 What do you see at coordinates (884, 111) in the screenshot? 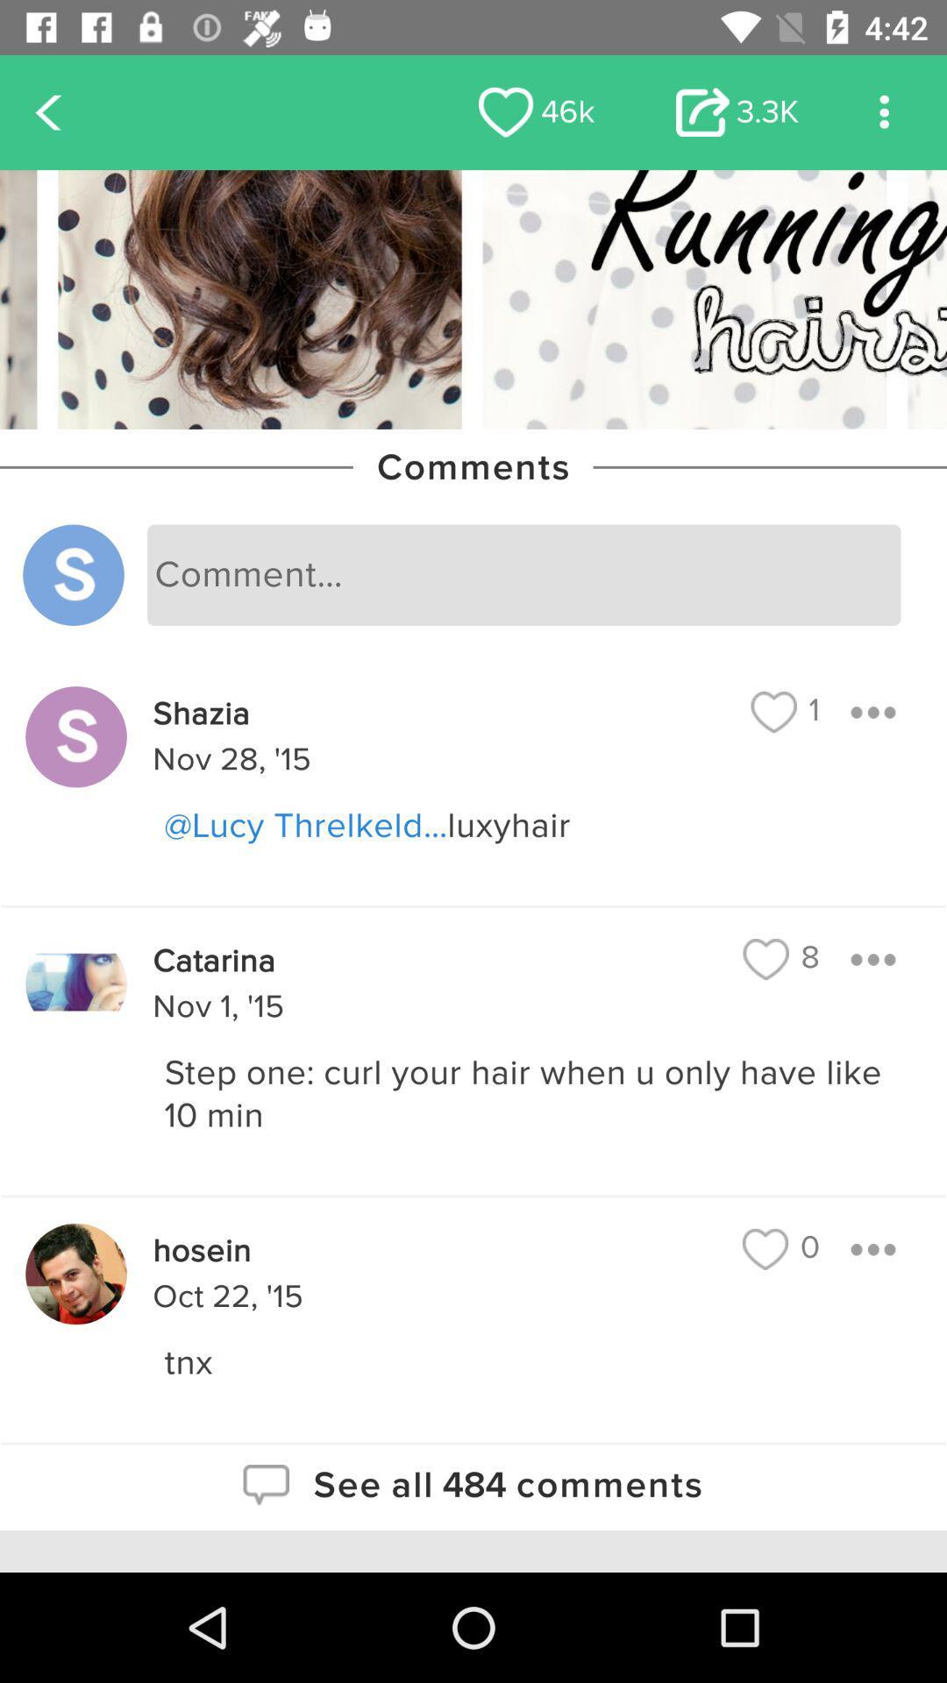
I see `the more icon` at bounding box center [884, 111].